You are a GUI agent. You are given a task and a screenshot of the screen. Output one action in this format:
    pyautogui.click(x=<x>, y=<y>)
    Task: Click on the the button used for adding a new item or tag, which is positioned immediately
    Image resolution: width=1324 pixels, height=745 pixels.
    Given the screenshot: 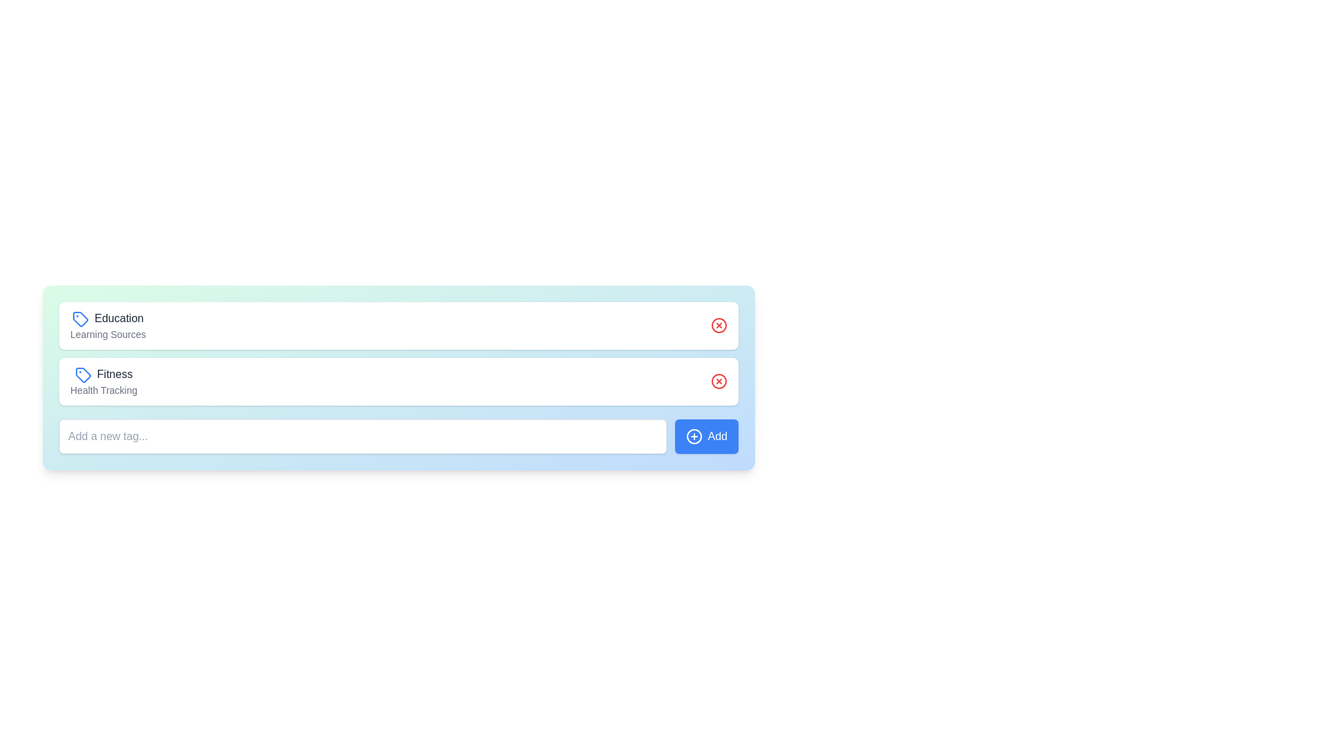 What is the action you would take?
    pyautogui.click(x=706, y=436)
    